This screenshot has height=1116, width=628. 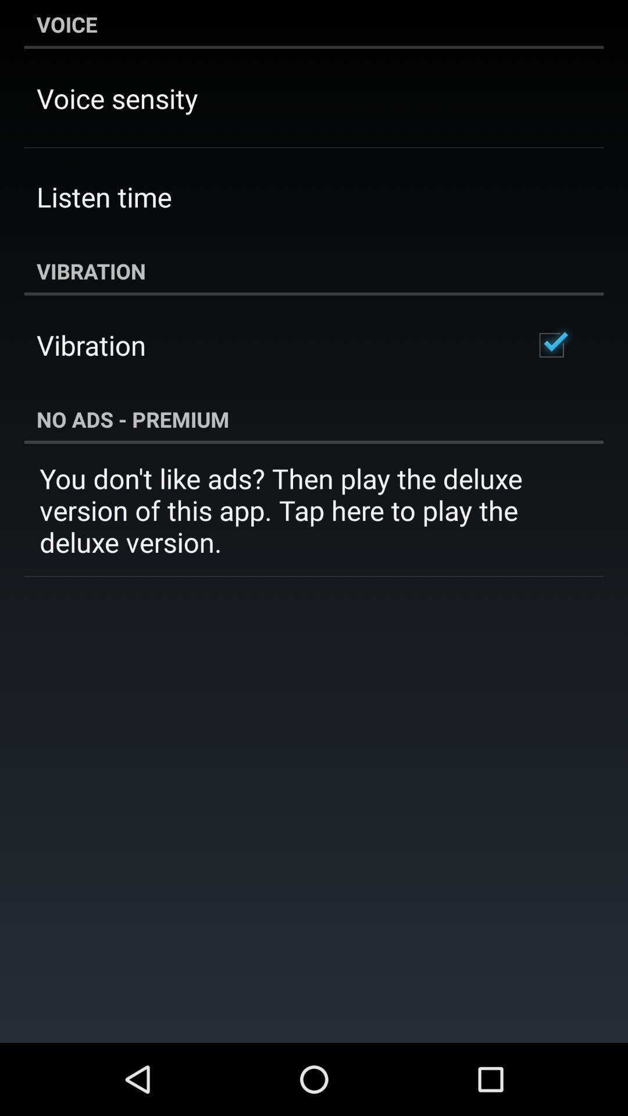 What do you see at coordinates (551, 345) in the screenshot?
I see `the icon next to vibration item` at bounding box center [551, 345].